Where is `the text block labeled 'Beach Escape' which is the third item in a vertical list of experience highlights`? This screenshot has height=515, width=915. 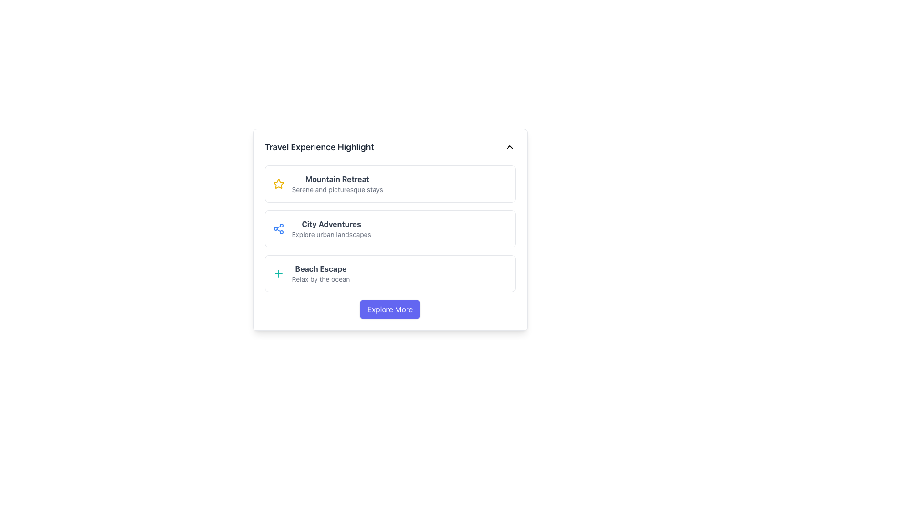 the text block labeled 'Beach Escape' which is the third item in a vertical list of experience highlights is located at coordinates (321, 274).